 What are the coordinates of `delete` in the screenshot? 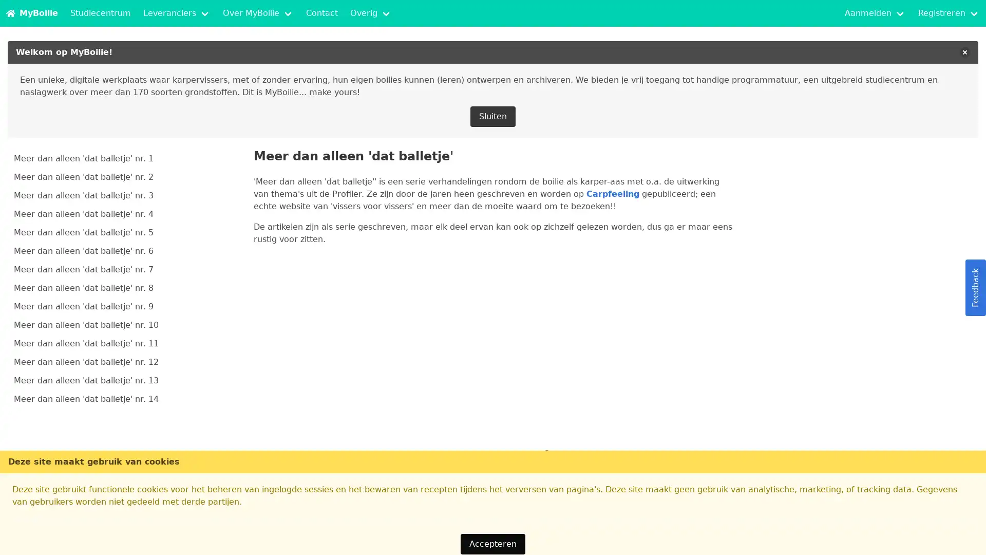 It's located at (964, 52).